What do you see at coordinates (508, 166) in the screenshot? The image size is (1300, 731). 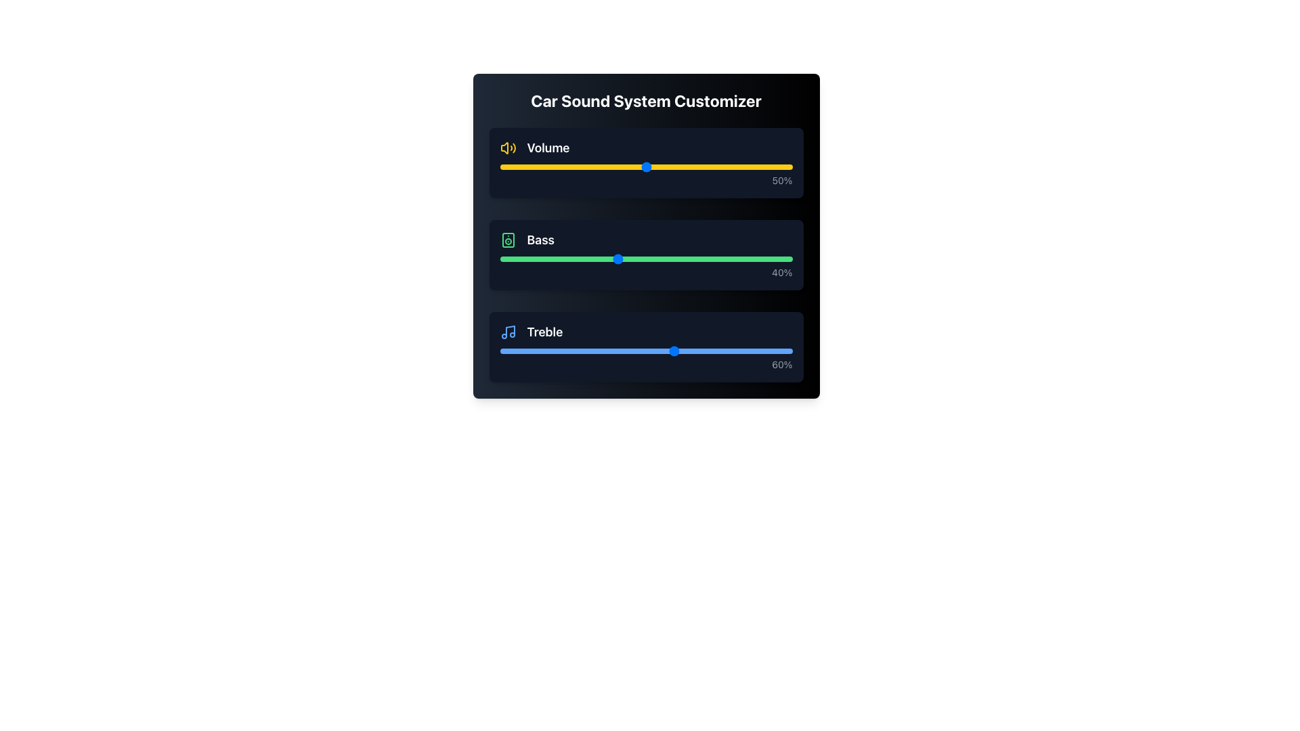 I see `the volume` at bounding box center [508, 166].